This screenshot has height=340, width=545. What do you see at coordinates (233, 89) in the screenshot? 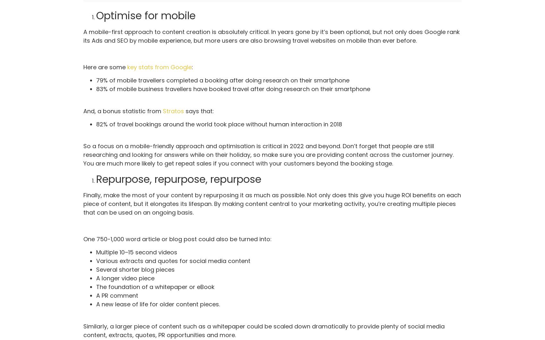
I see `'83% of mobile business travellers have booked travel after doing research on their smartphone'` at bounding box center [233, 89].